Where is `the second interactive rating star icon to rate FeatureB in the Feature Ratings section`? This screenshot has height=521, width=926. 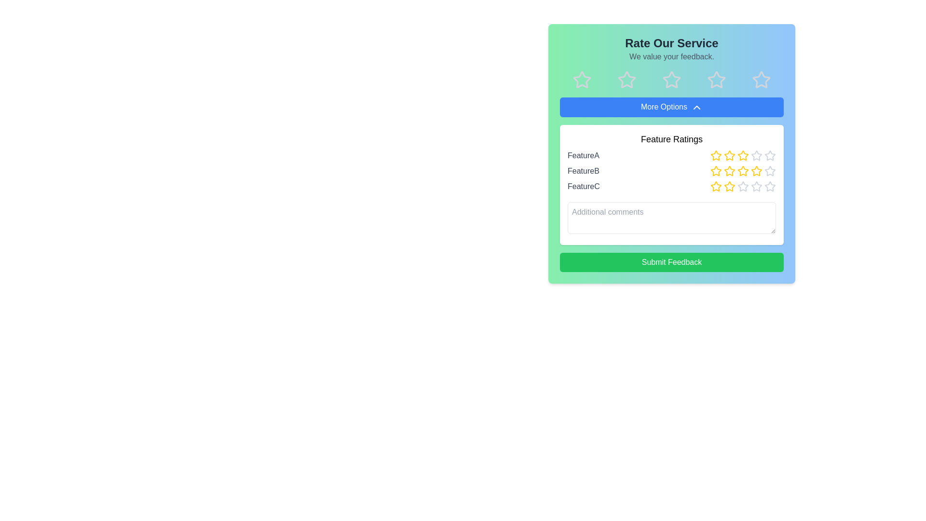
the second interactive rating star icon to rate FeatureB in the Feature Ratings section is located at coordinates (716, 170).